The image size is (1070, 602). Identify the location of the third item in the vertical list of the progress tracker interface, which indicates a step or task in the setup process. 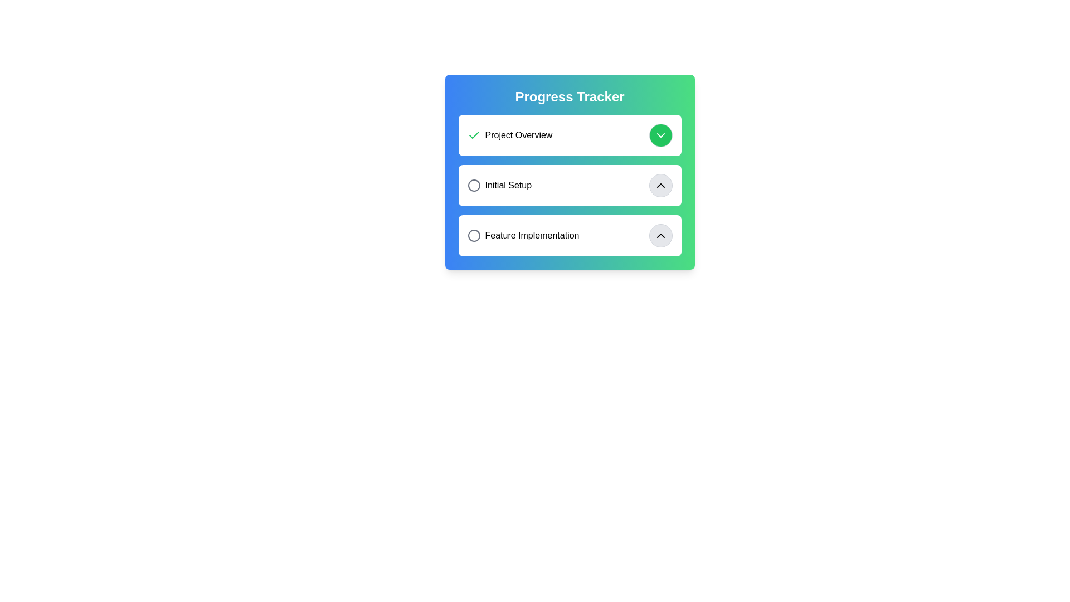
(523, 235).